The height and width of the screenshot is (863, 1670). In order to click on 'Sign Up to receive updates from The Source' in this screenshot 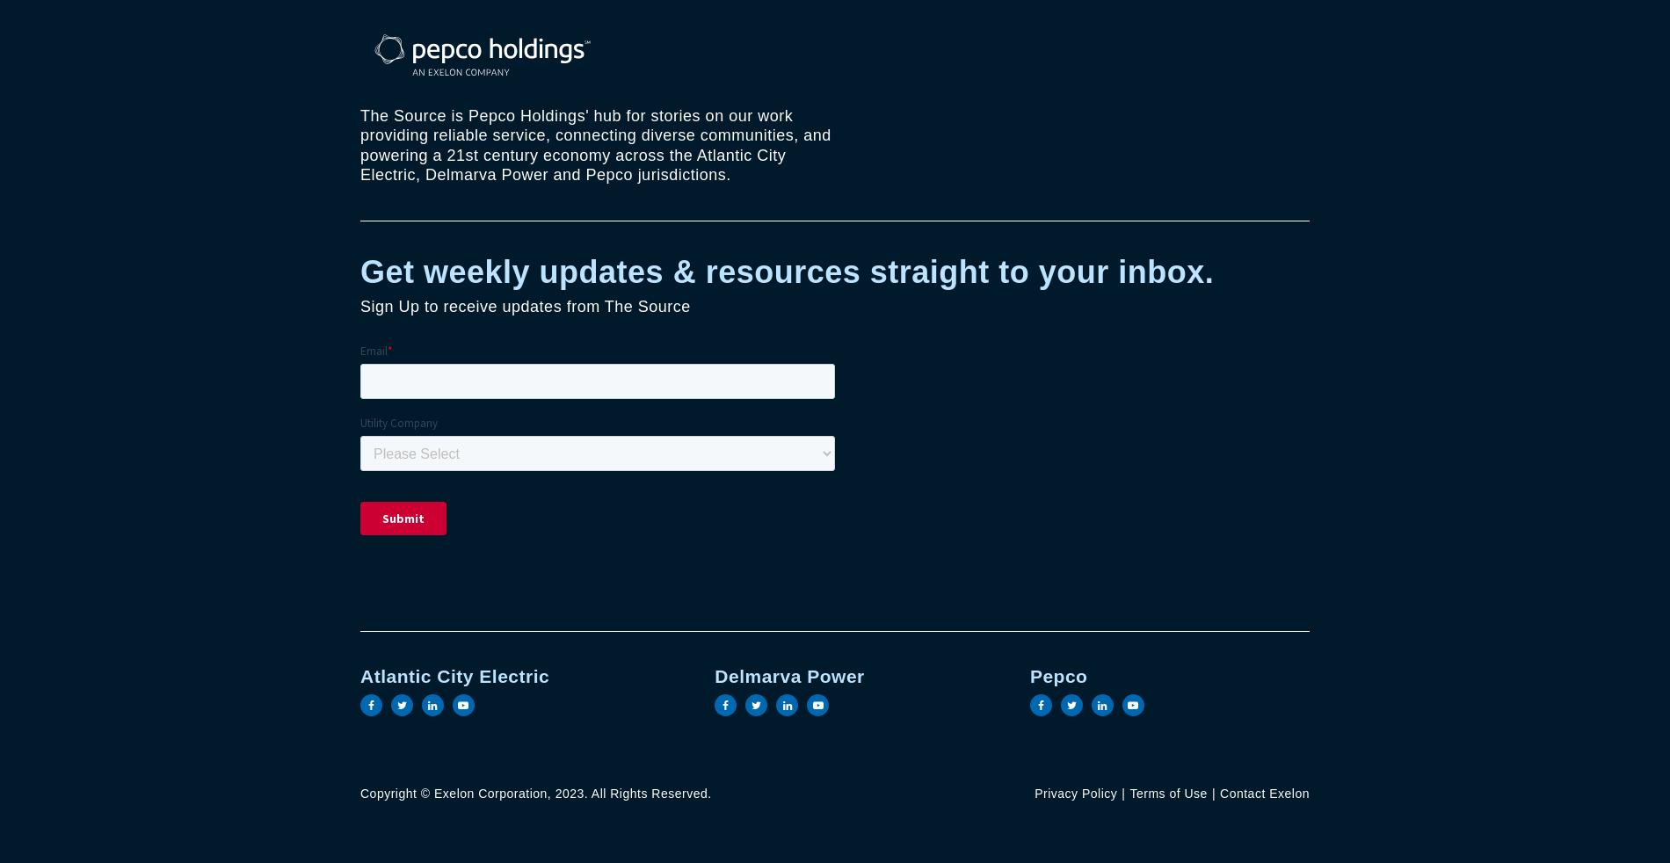, I will do `click(525, 306)`.